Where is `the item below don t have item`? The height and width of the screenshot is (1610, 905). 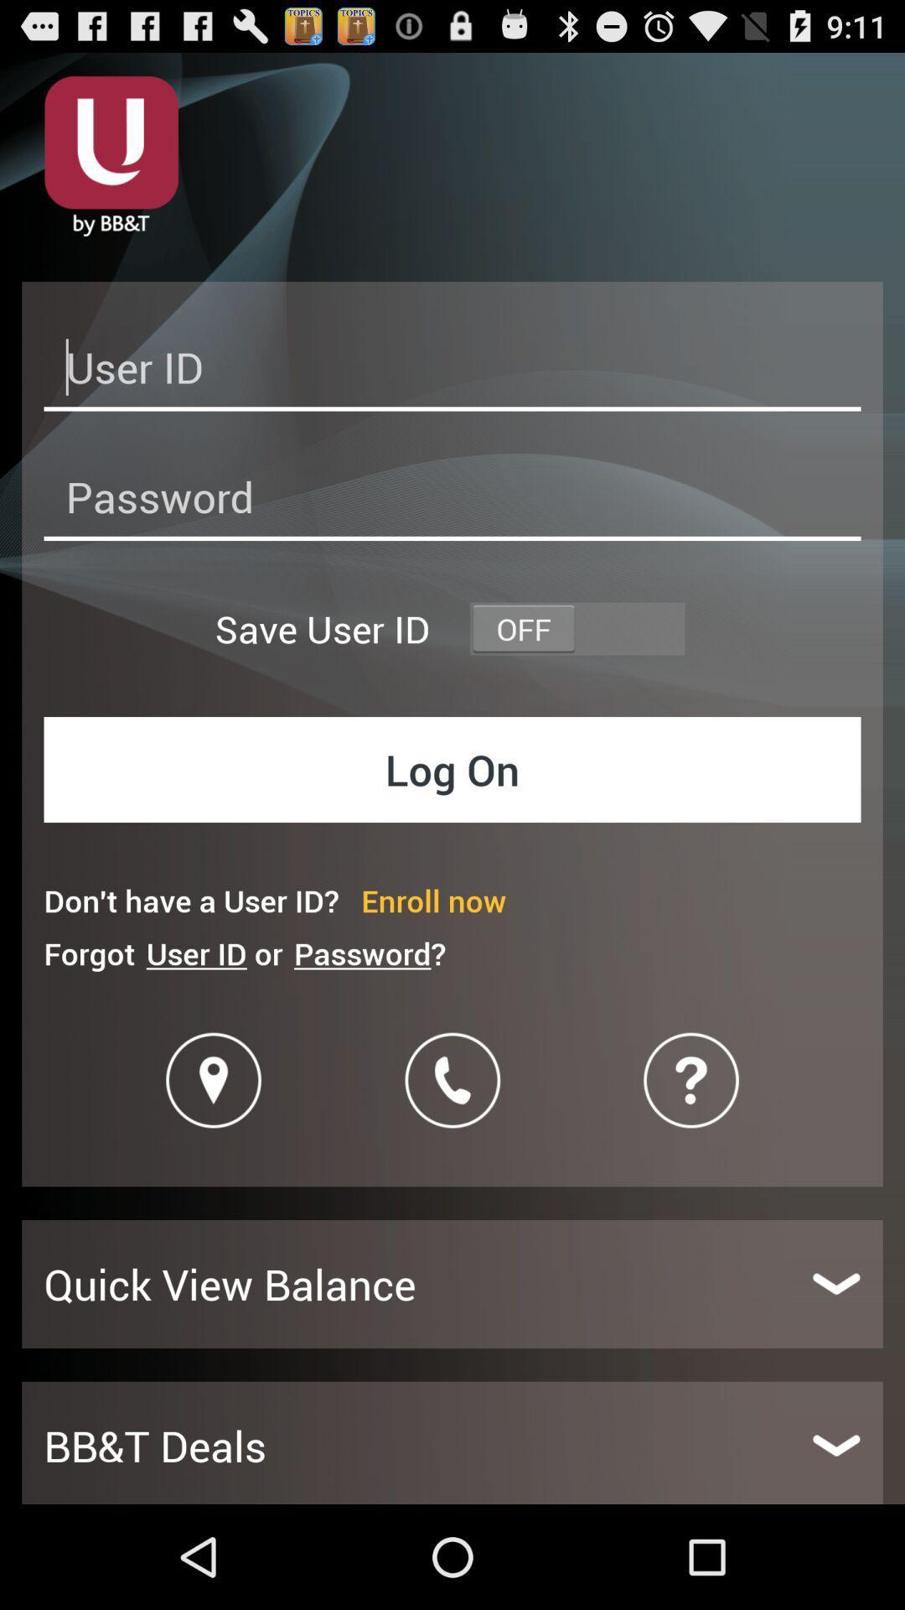
the item below don t have item is located at coordinates (369, 953).